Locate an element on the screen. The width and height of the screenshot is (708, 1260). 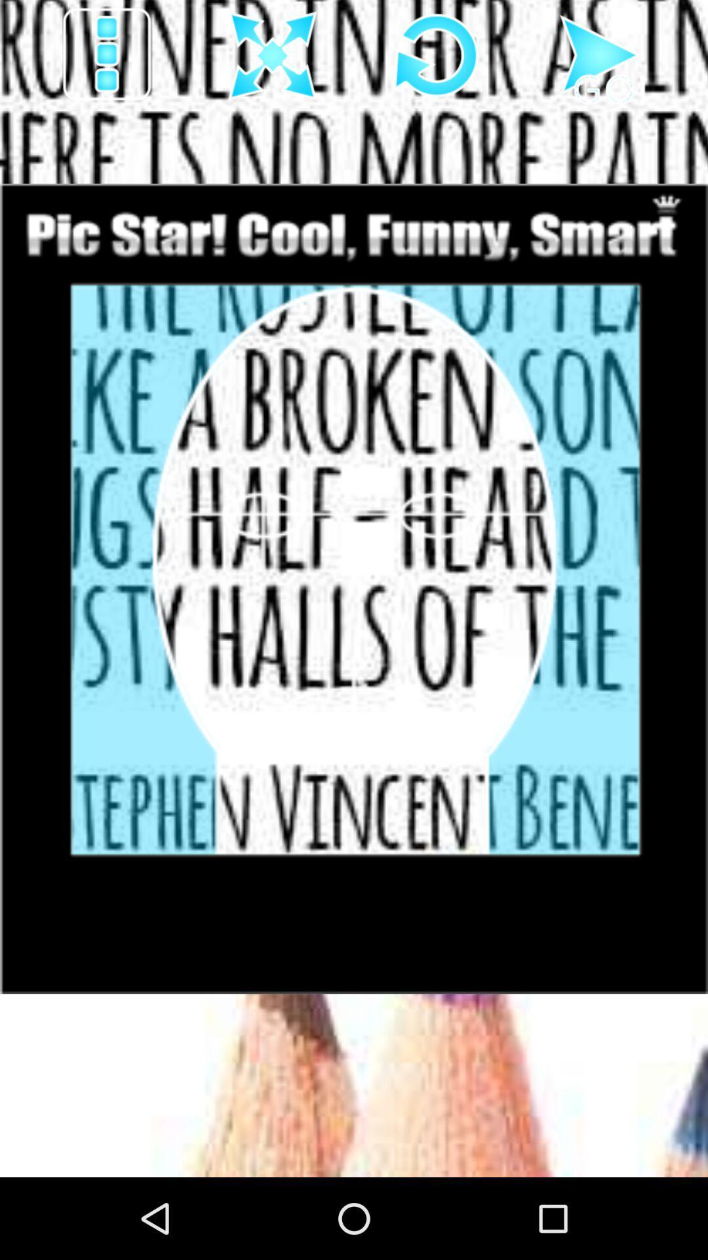
zoom in is located at coordinates (272, 55).